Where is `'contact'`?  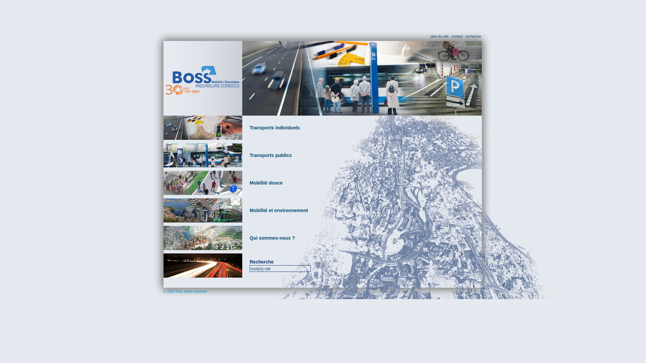
'contact' is located at coordinates (452, 36).